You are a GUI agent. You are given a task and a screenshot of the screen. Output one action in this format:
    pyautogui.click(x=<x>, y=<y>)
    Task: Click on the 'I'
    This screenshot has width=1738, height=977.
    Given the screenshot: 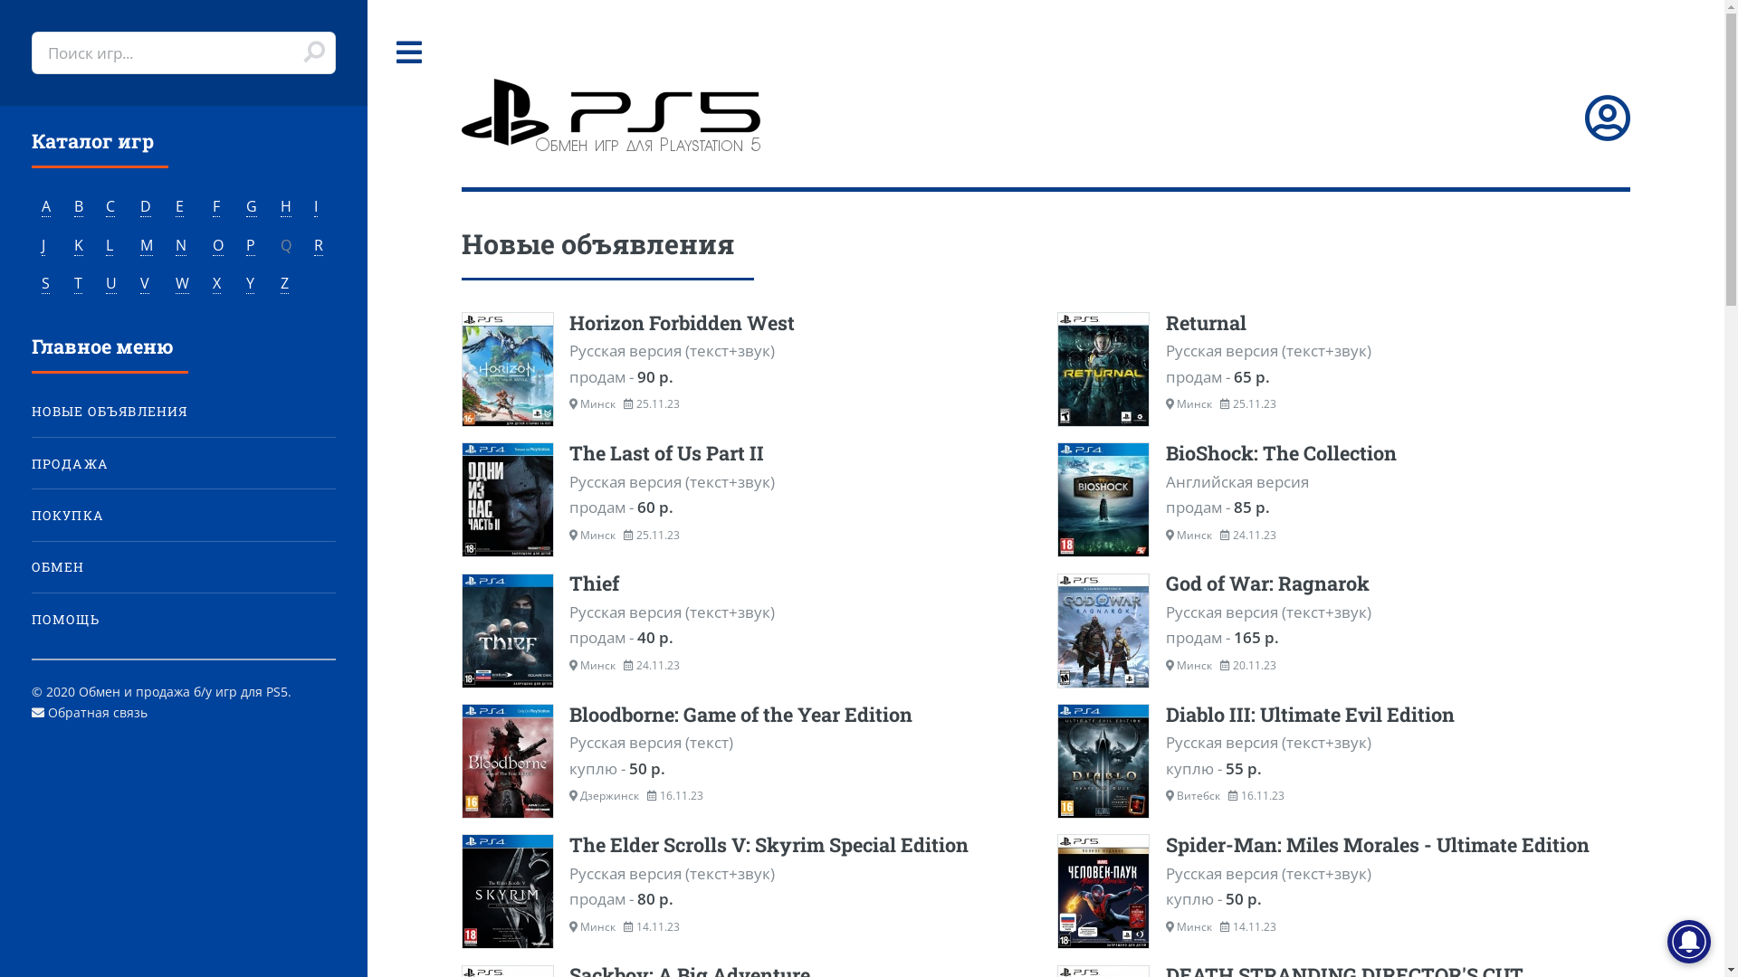 What is the action you would take?
    pyautogui.click(x=316, y=205)
    